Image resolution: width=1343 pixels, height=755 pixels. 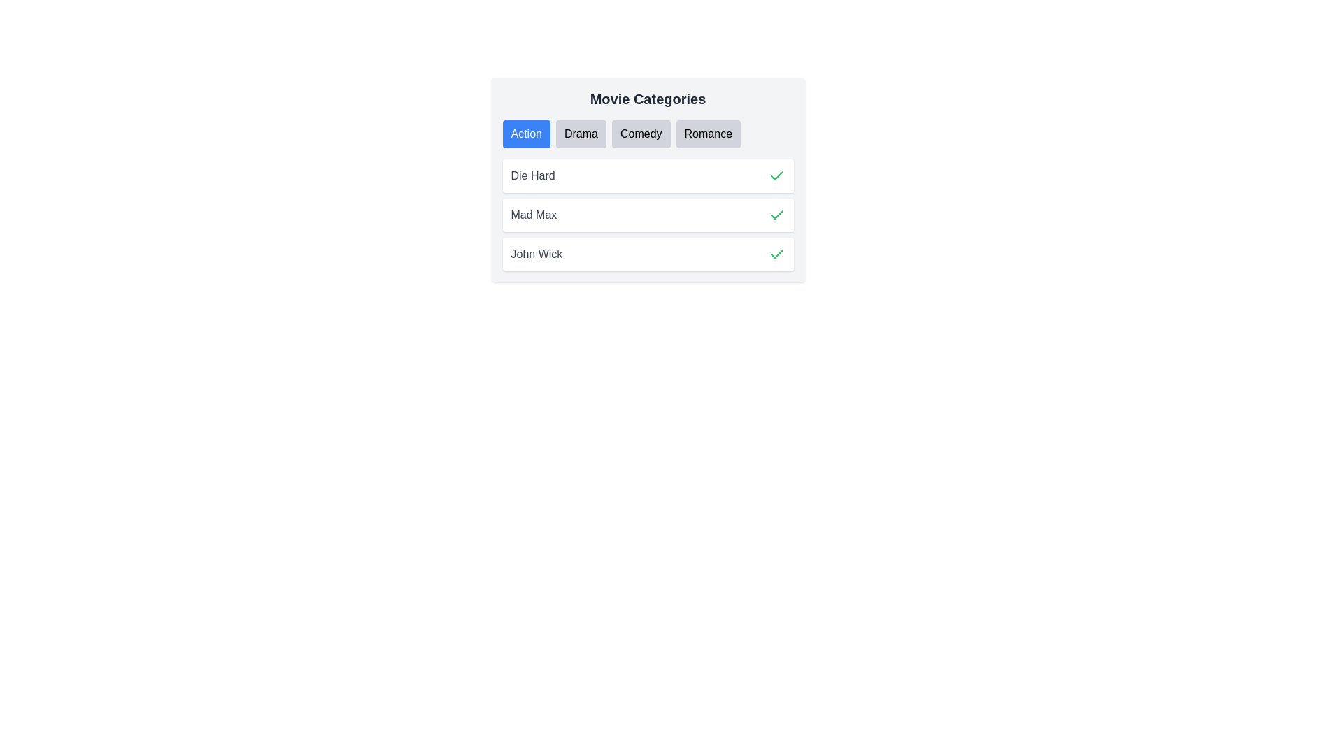 What do you see at coordinates (581, 134) in the screenshot?
I see `the 'Drama' button, which is a rectangular button with a light gray background and black text` at bounding box center [581, 134].